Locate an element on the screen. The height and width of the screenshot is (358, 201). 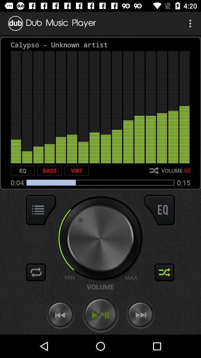
icon next to the  virt is located at coordinates (50, 170).